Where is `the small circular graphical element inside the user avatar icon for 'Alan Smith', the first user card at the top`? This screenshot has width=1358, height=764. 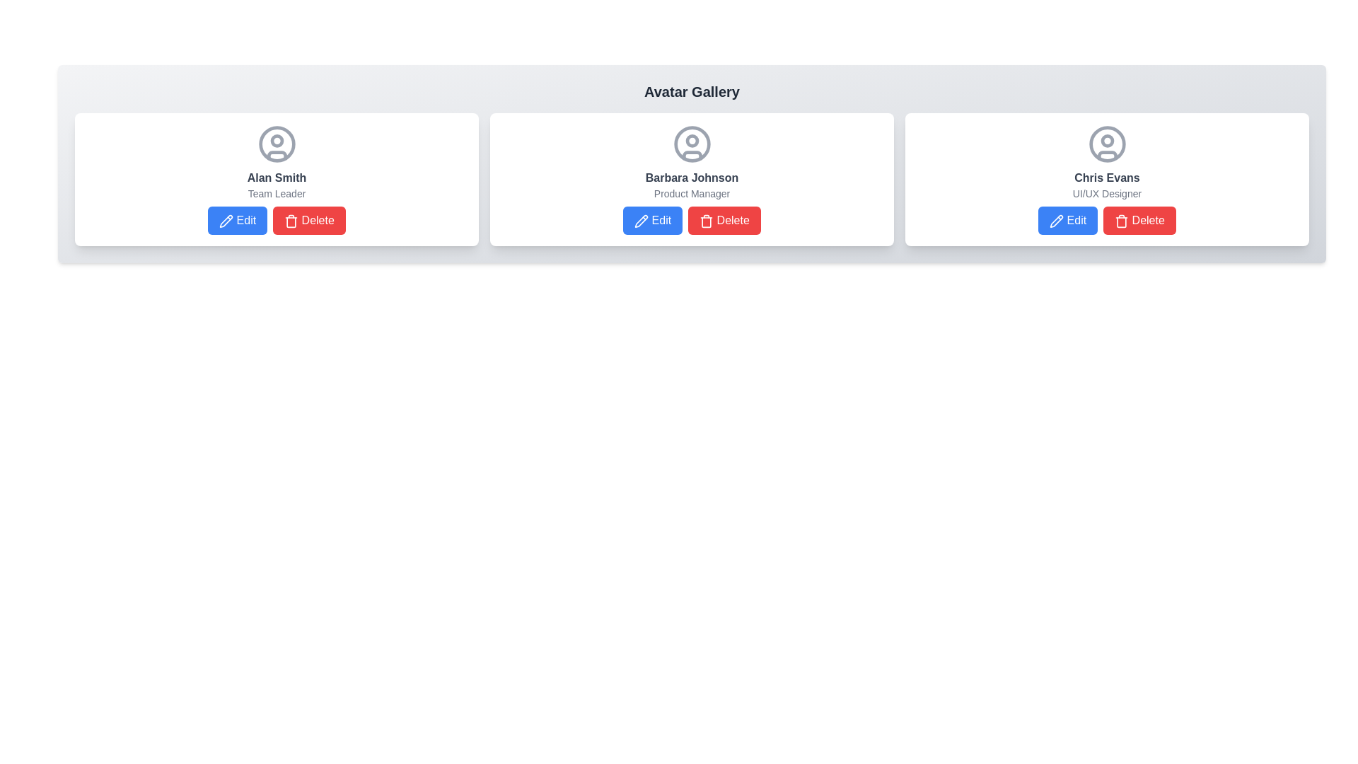
the small circular graphical element inside the user avatar icon for 'Alan Smith', the first user card at the top is located at coordinates (277, 141).